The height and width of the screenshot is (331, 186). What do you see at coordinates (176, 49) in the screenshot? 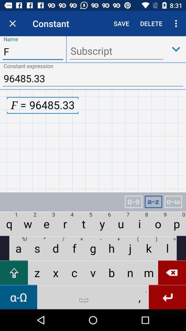
I see `download option` at bounding box center [176, 49].